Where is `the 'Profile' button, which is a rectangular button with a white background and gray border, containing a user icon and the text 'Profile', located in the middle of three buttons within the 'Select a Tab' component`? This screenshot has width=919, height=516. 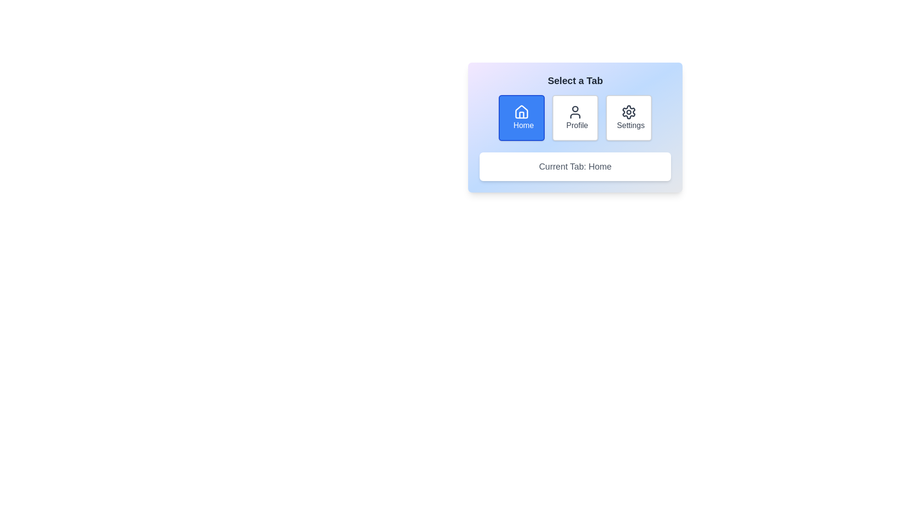
the 'Profile' button, which is a rectangular button with a white background and gray border, containing a user icon and the text 'Profile', located in the middle of three buttons within the 'Select a Tab' component is located at coordinates (574, 117).